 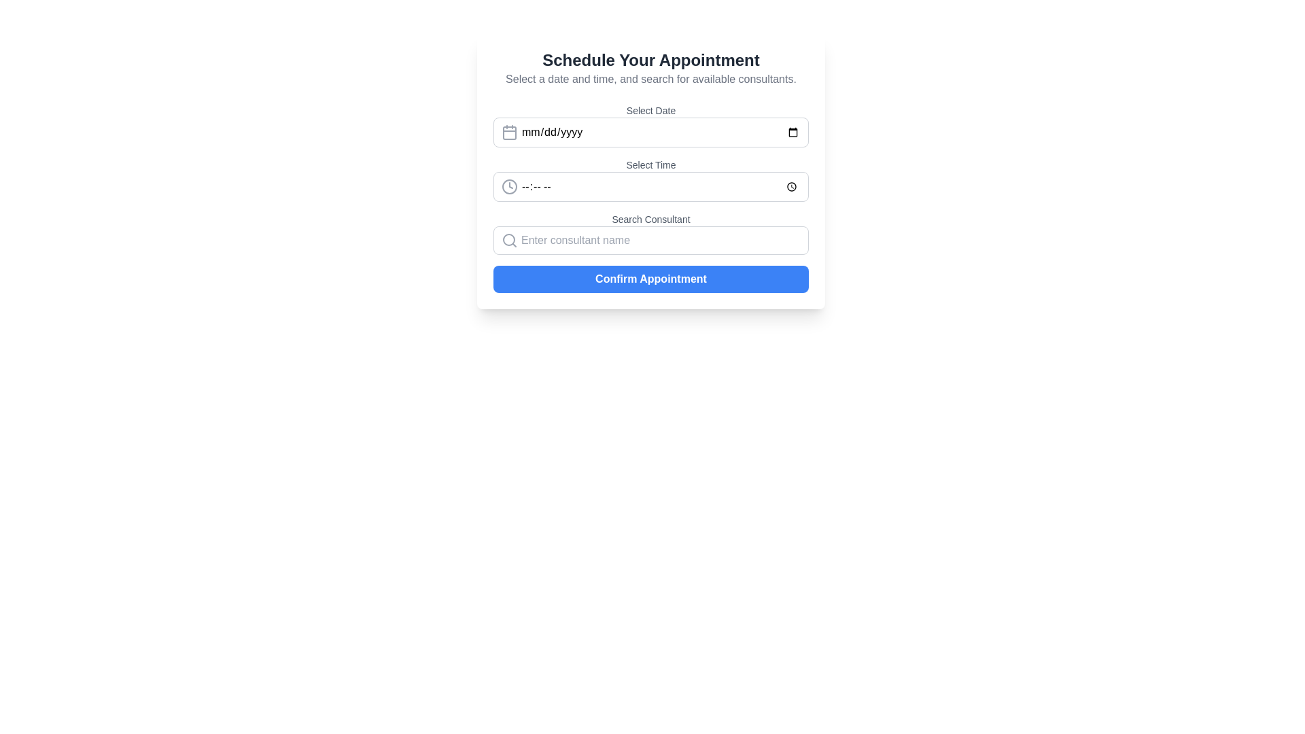 What do you see at coordinates (650, 126) in the screenshot?
I see `the 'Select Date' date picker input field to focus it for date entry` at bounding box center [650, 126].